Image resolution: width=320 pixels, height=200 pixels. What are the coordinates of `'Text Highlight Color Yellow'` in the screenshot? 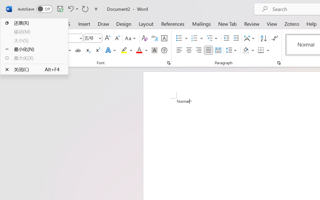 It's located at (124, 50).